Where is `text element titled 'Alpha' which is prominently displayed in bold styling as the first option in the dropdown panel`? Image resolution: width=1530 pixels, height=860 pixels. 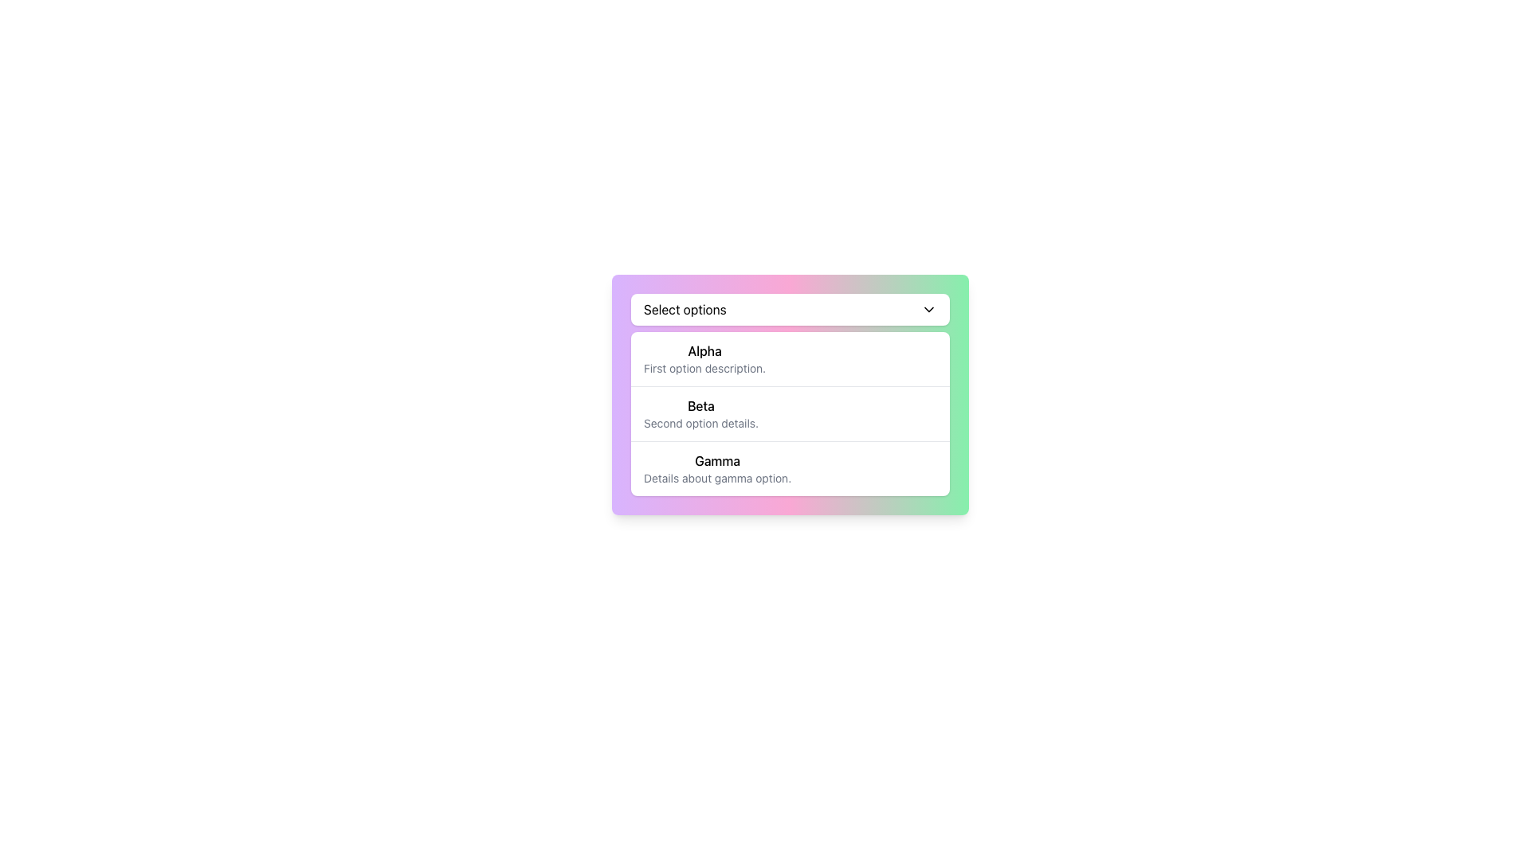
text element titled 'Alpha' which is prominently displayed in bold styling as the first option in the dropdown panel is located at coordinates (704, 350).